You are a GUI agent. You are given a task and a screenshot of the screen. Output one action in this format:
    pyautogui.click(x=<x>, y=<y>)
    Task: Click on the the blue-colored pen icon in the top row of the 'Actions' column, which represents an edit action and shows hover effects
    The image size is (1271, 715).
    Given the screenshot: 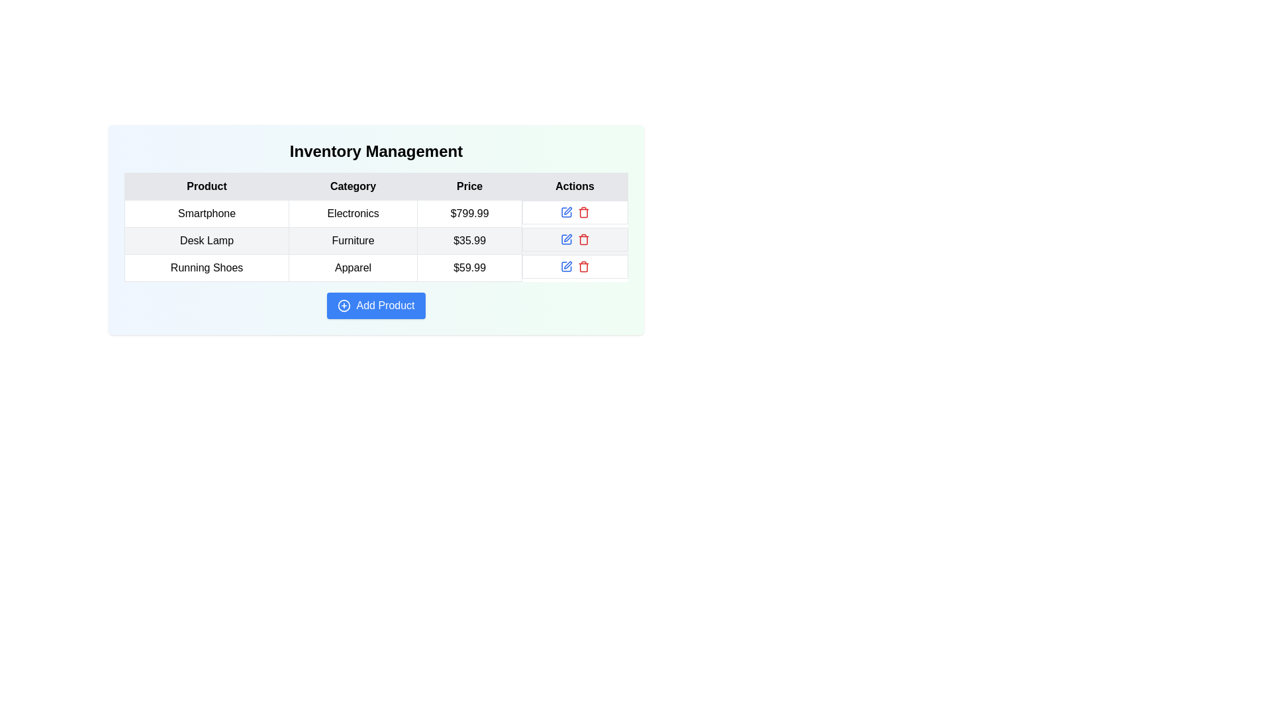 What is the action you would take?
    pyautogui.click(x=566, y=211)
    